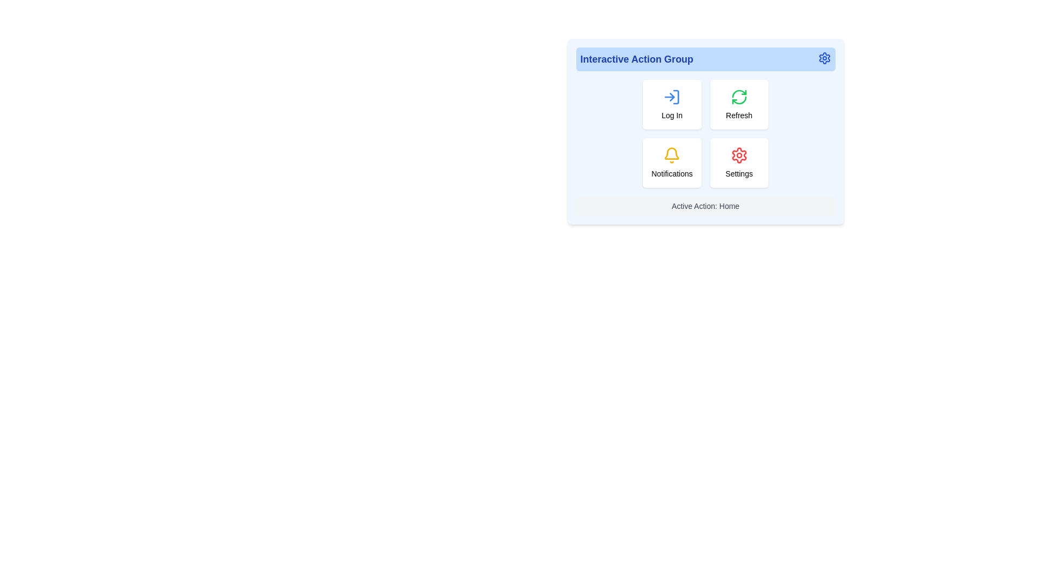 Image resolution: width=1037 pixels, height=583 pixels. What do you see at coordinates (738, 173) in the screenshot?
I see `the text label displaying 'Settings' located in the bottom-right corner of the card labeled 'Interactive Action Group'` at bounding box center [738, 173].